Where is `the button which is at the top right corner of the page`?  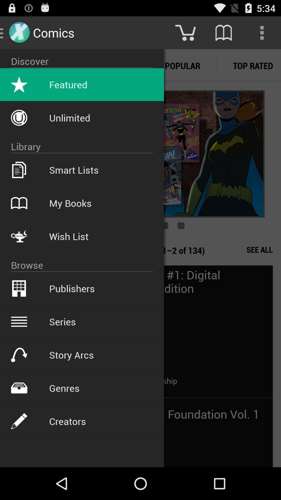 the button which is at the top right corner of the page is located at coordinates (262, 32).